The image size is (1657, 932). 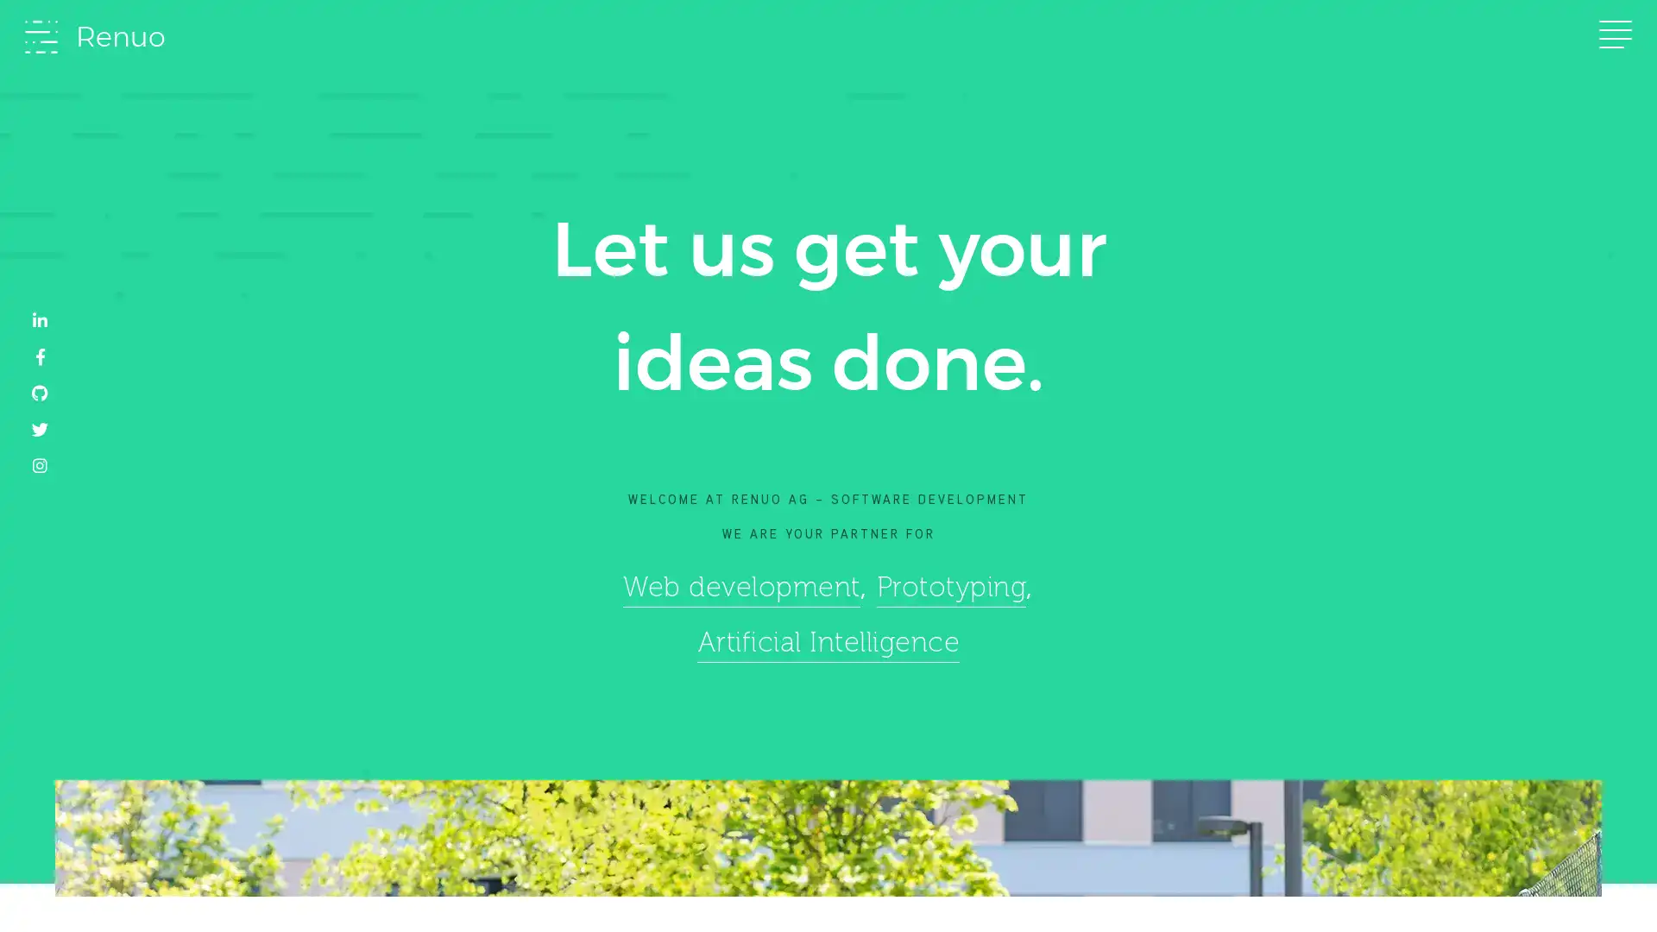 I want to click on Toggle navigation, so click(x=1615, y=34).